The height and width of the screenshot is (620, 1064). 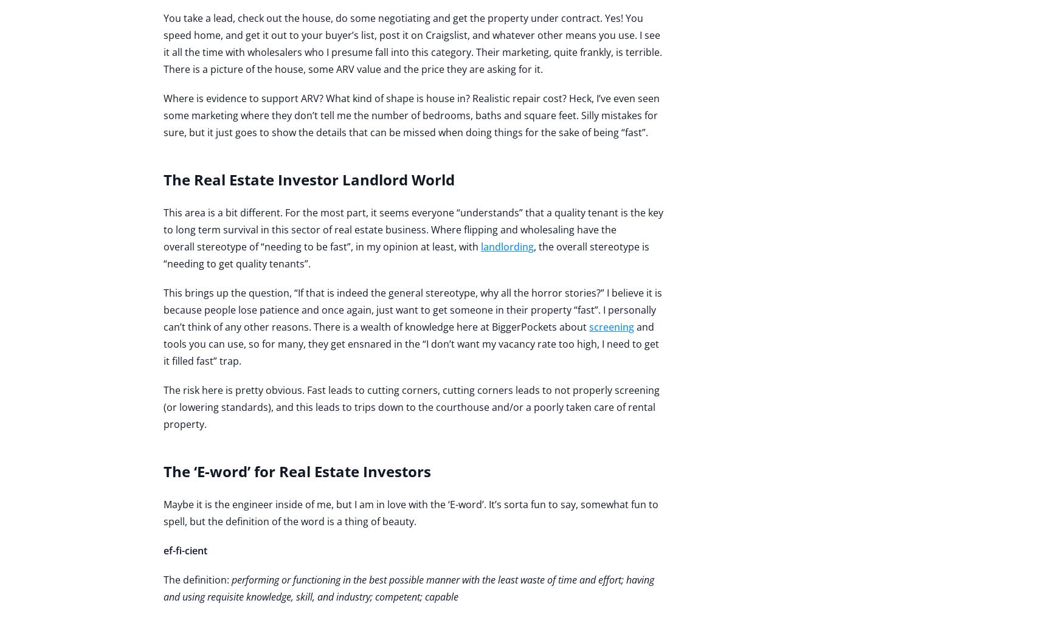 What do you see at coordinates (411, 115) in the screenshot?
I see `'Where is evidence to support ARV? What kind of shape is house in? Realistic repair cost? Heck, I’ve even seen some marketing where they don’t tell me the number of bedrooms, baths and square feet. Silly mistakes for sure, but it just goes to show the details that can be missed when doing things for the sake of being “fast”.'` at bounding box center [411, 115].